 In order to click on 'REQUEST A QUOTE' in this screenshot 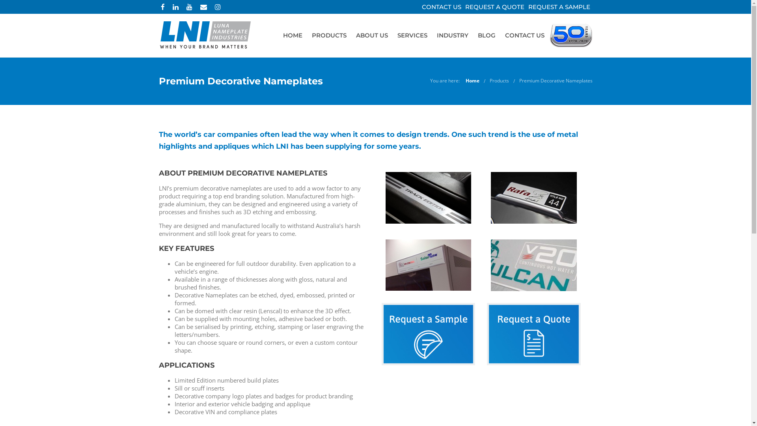, I will do `click(494, 7)`.